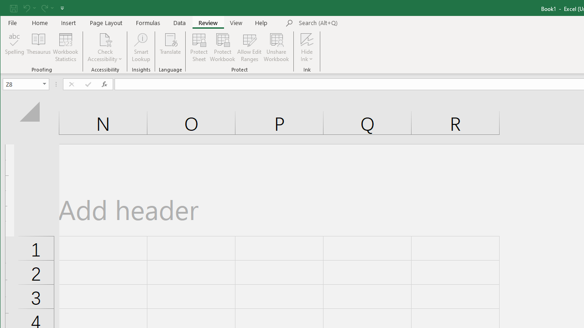 The height and width of the screenshot is (328, 584). Describe the element at coordinates (148, 22) in the screenshot. I see `'Formulas'` at that location.